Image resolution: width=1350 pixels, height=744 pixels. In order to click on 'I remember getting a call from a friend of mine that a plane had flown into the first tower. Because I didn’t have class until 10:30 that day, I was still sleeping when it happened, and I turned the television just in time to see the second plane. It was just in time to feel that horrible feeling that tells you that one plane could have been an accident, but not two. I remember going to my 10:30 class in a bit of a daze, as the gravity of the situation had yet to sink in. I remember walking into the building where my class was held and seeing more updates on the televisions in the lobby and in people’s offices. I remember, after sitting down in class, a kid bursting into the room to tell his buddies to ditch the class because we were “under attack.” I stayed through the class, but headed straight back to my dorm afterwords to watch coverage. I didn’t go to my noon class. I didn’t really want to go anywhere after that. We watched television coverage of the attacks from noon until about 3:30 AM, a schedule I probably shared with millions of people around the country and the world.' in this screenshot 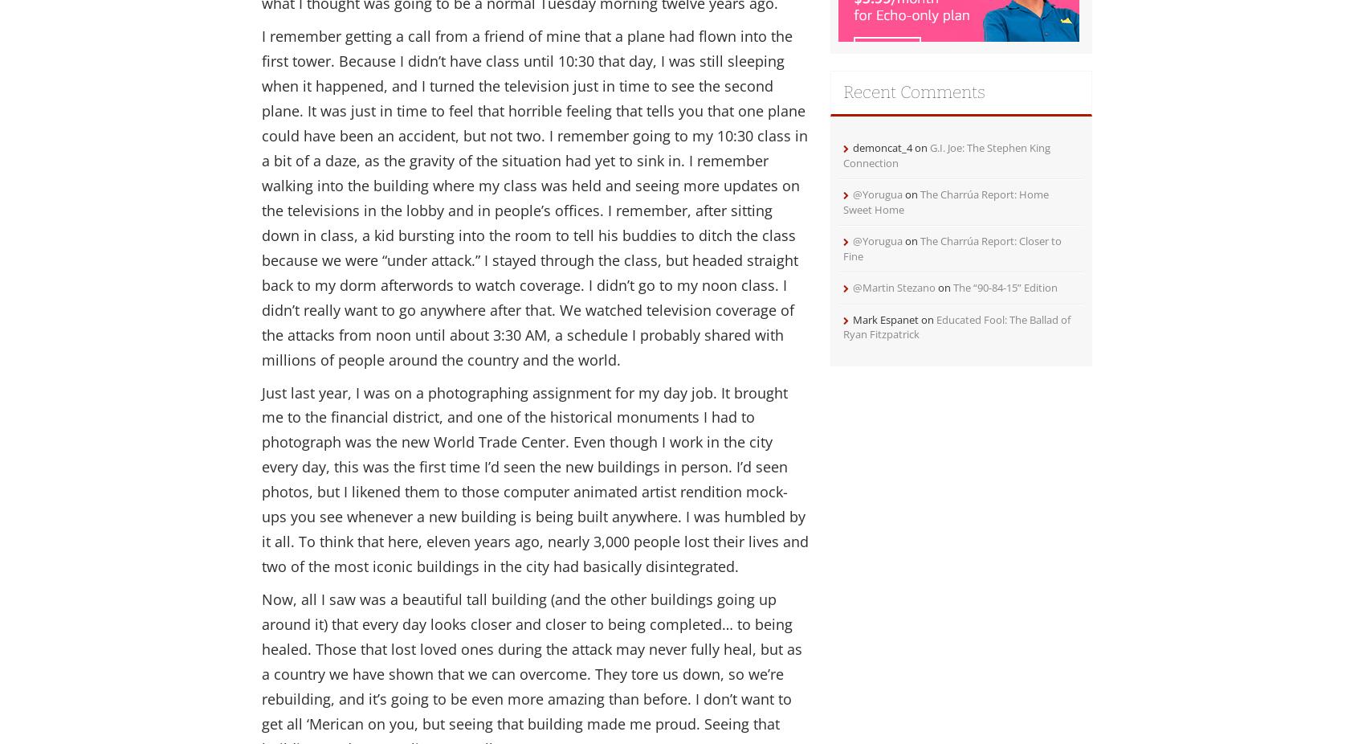, I will do `click(533, 198)`.